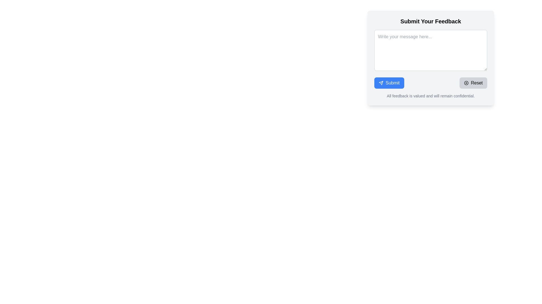 The height and width of the screenshot is (304, 542). I want to click on the text element labeled 'Submit Your Feedback', which is prominently displayed at the top of the feedback form card, so click(430, 21).